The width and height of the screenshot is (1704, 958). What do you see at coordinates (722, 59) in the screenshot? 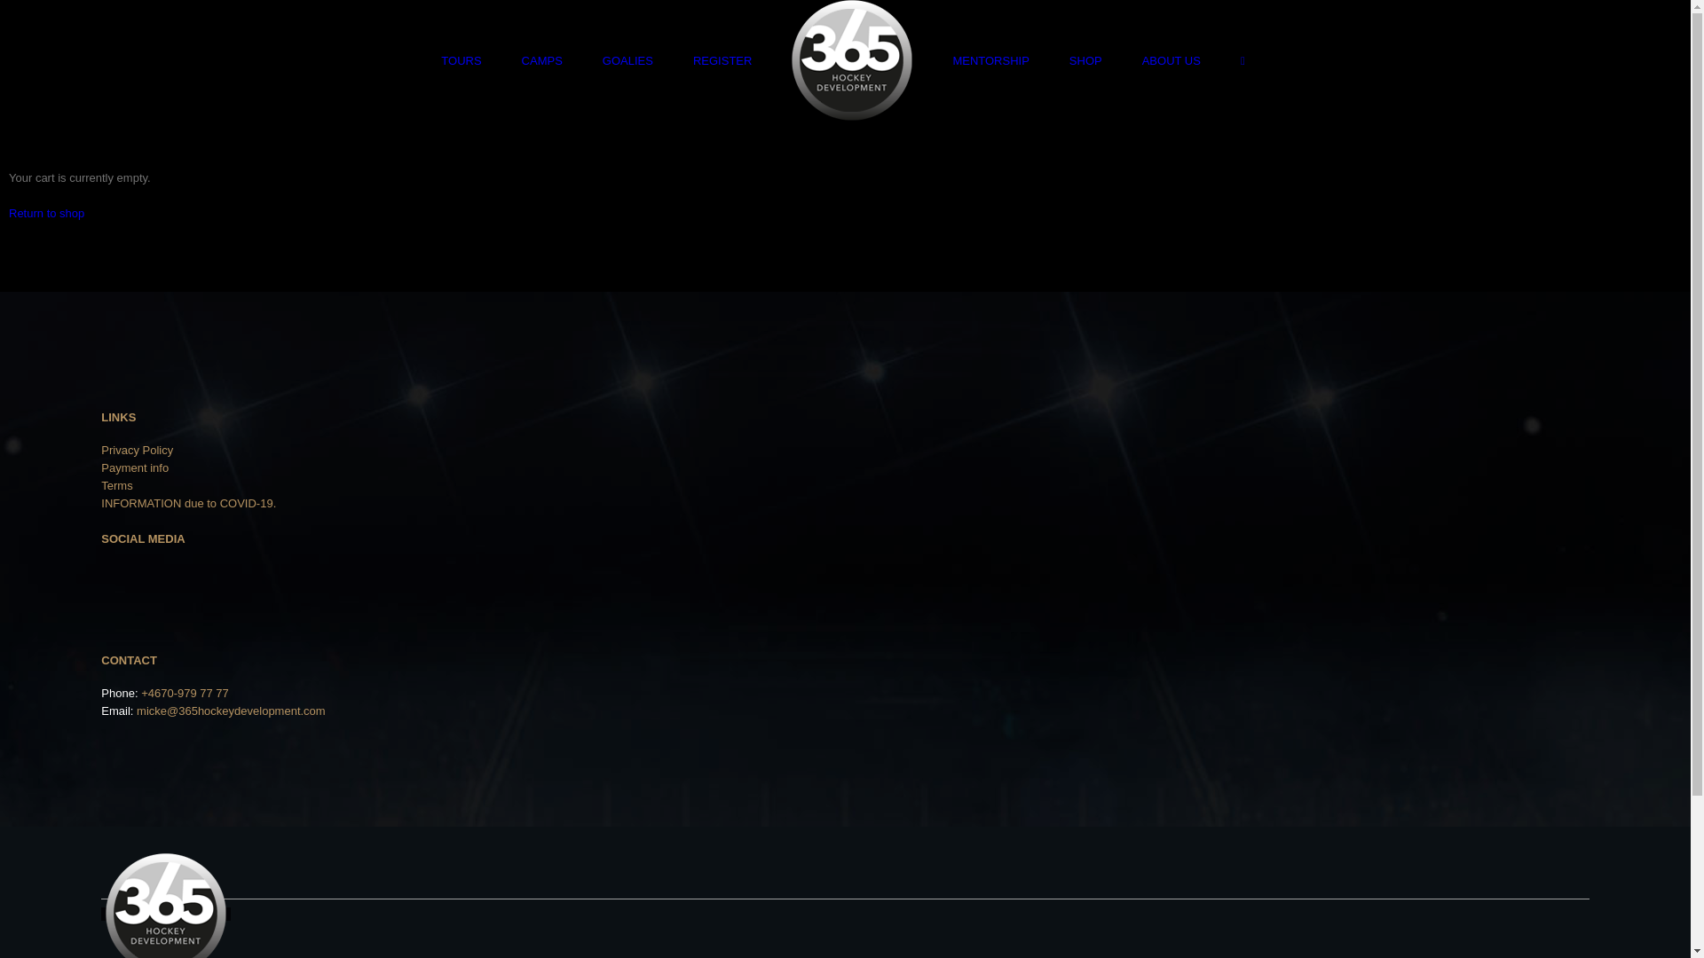
I see `'REGISTER'` at bounding box center [722, 59].